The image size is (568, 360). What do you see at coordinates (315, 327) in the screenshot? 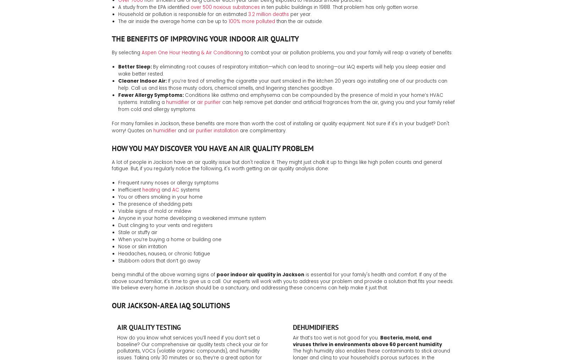
I see `'Dehumidifiers'` at bounding box center [315, 327].